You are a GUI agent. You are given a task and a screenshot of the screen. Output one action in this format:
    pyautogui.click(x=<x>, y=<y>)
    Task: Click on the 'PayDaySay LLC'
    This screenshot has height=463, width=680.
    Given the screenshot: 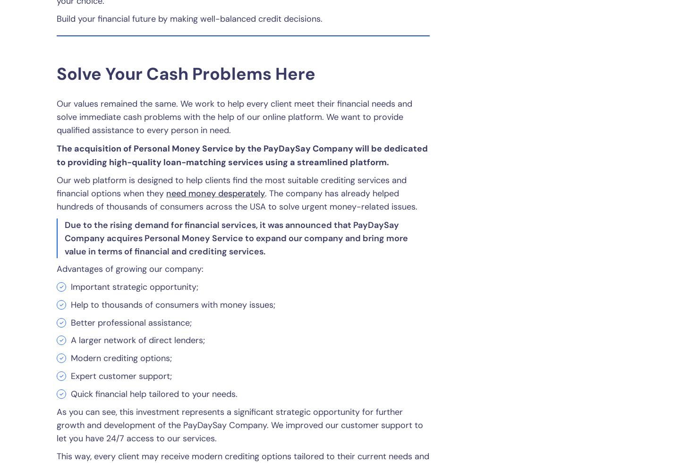 What is the action you would take?
    pyautogui.click(x=295, y=335)
    